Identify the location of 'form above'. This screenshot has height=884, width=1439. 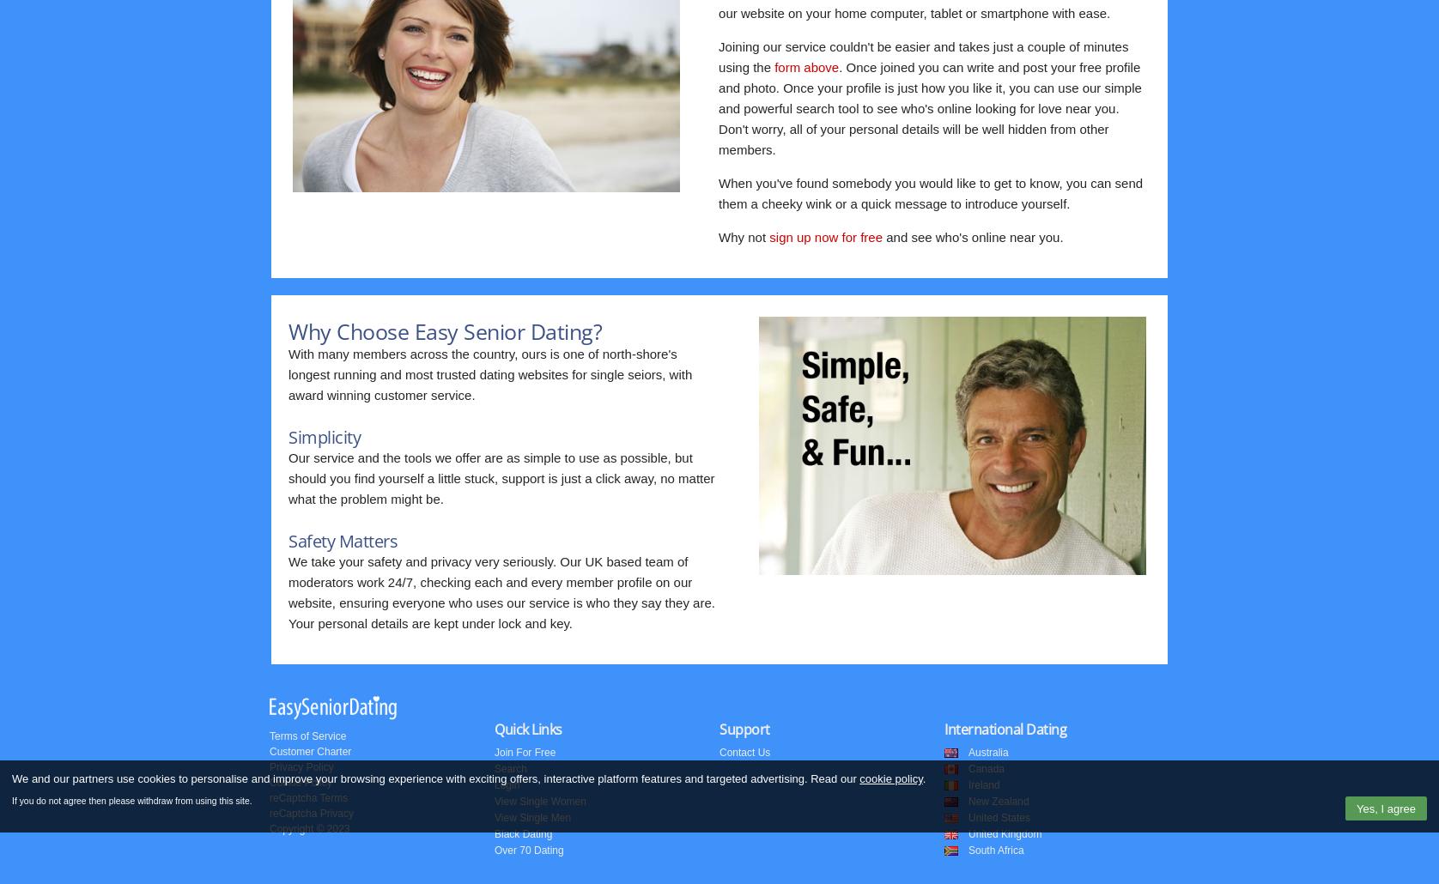
(806, 66).